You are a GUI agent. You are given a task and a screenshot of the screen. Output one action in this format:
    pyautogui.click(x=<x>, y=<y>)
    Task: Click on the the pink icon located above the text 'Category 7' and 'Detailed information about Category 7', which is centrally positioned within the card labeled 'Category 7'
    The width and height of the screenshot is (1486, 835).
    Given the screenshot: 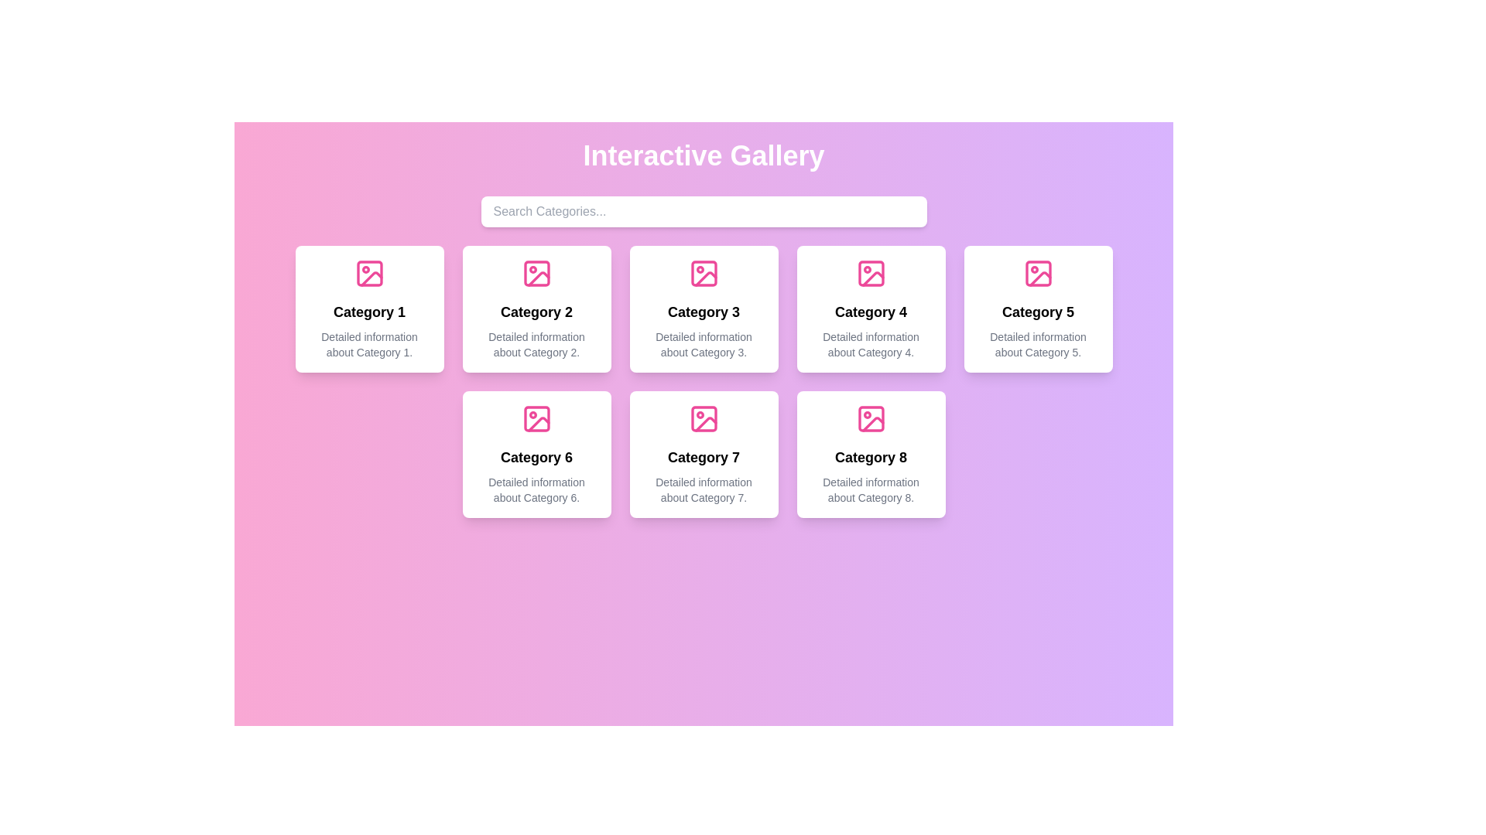 What is the action you would take?
    pyautogui.click(x=703, y=419)
    